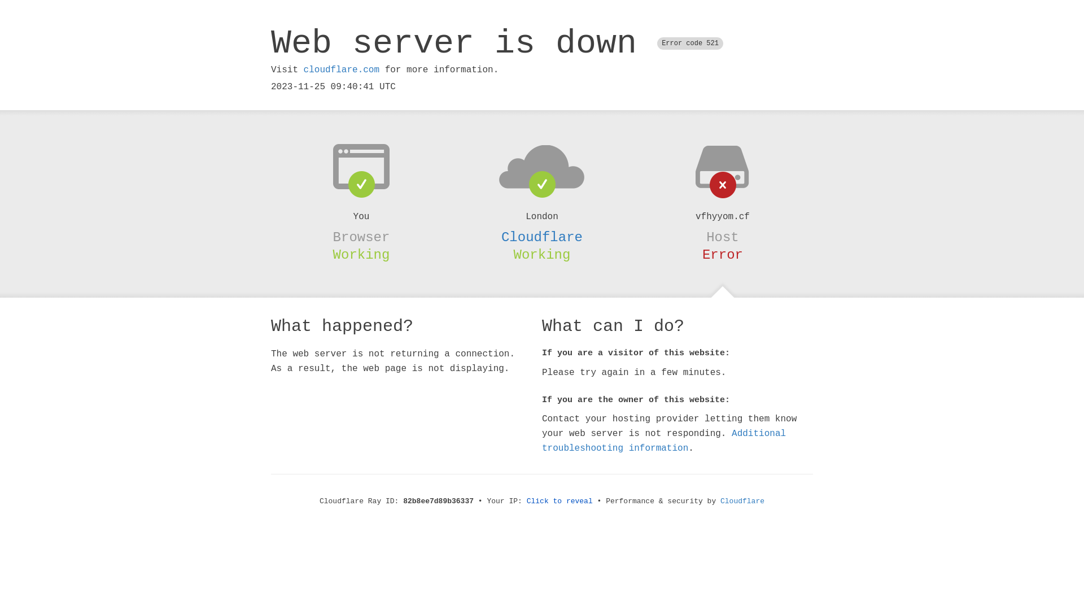 The width and height of the screenshot is (1084, 610). I want to click on 'Cloudflare', so click(742, 500).